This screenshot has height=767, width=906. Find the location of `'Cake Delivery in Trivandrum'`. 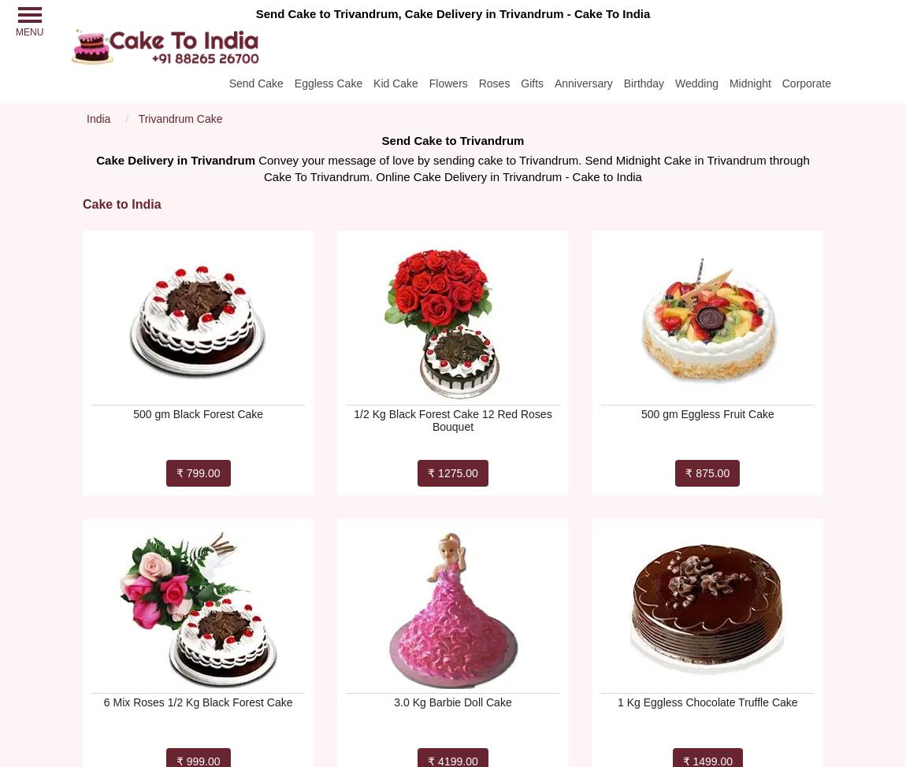

'Cake Delivery in Trivandrum' is located at coordinates (174, 159).